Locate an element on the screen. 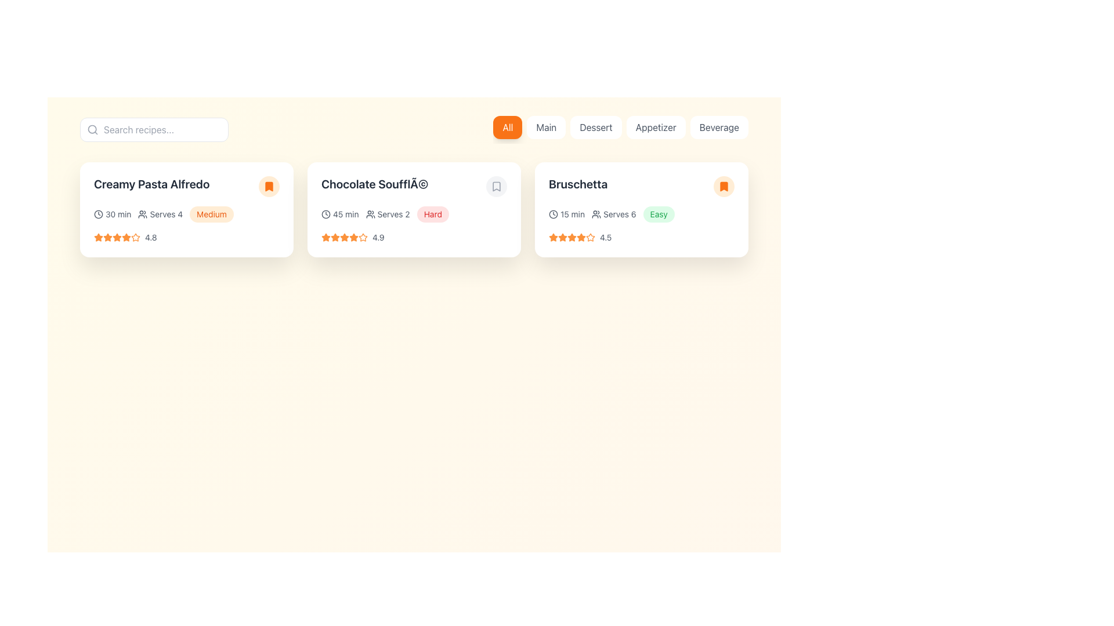 This screenshot has width=1114, height=626. the third star icon in the 5-star rating system of the 'Chocolate Soufflé' card is located at coordinates (344, 236).